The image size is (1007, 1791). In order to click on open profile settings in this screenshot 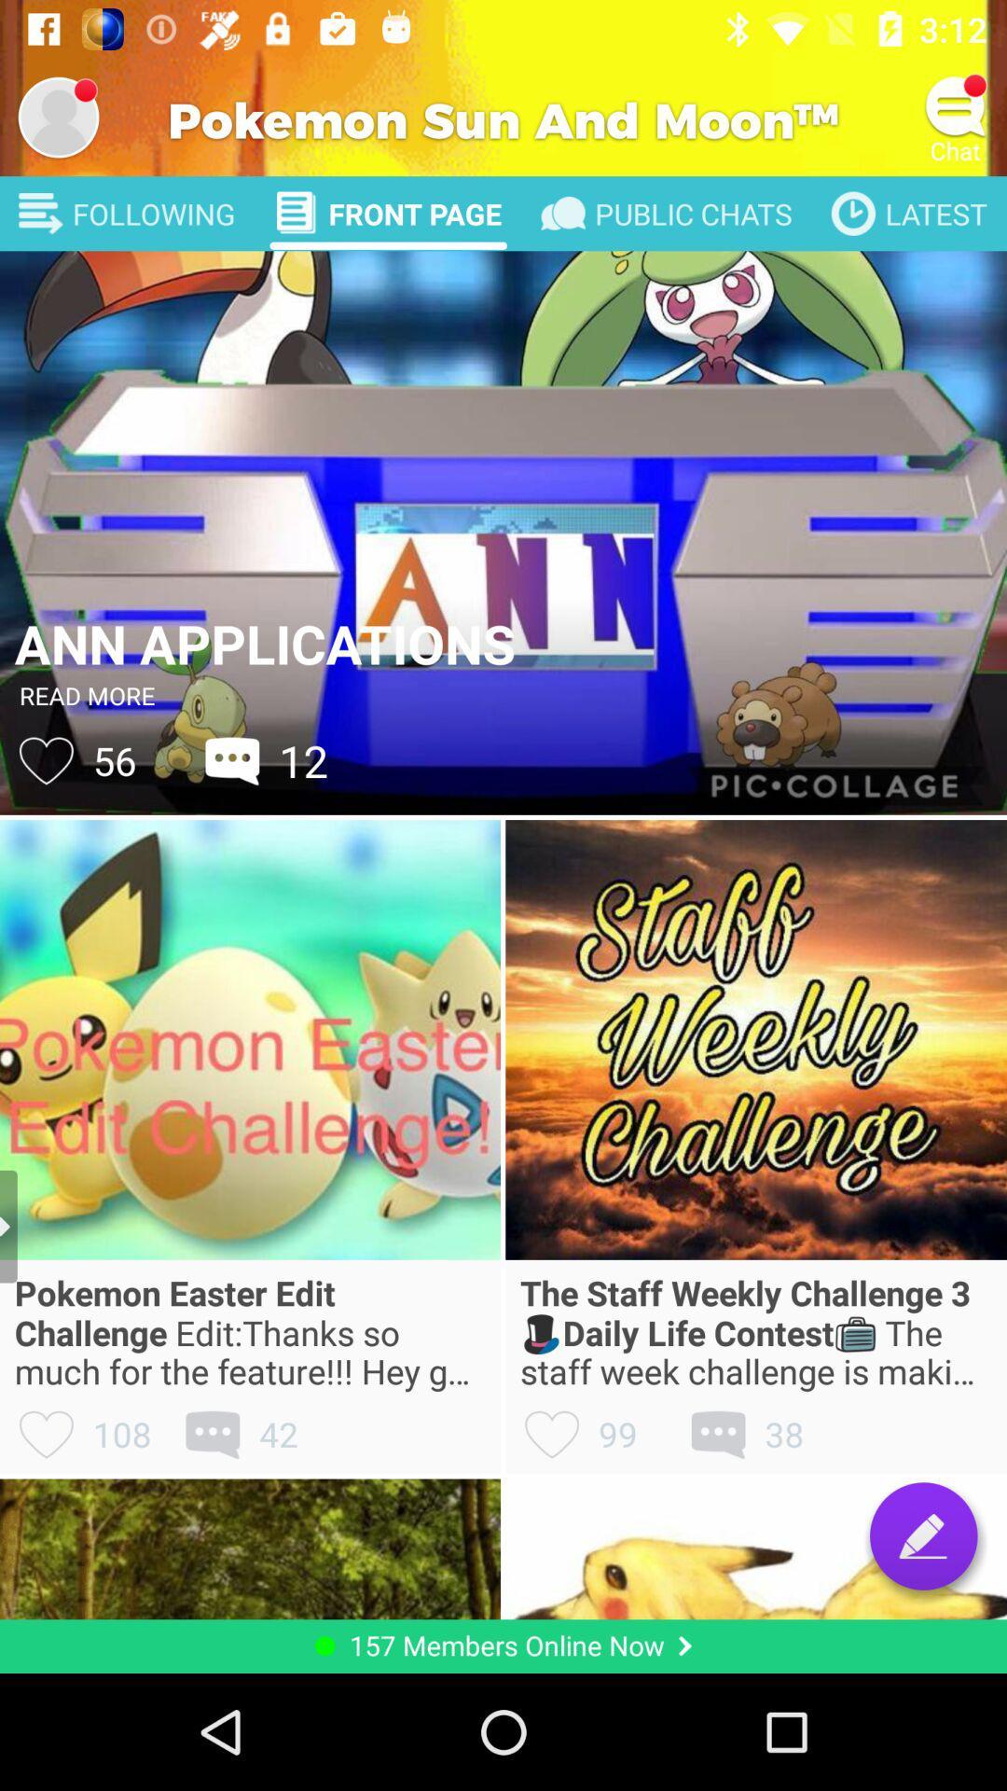, I will do `click(57, 116)`.